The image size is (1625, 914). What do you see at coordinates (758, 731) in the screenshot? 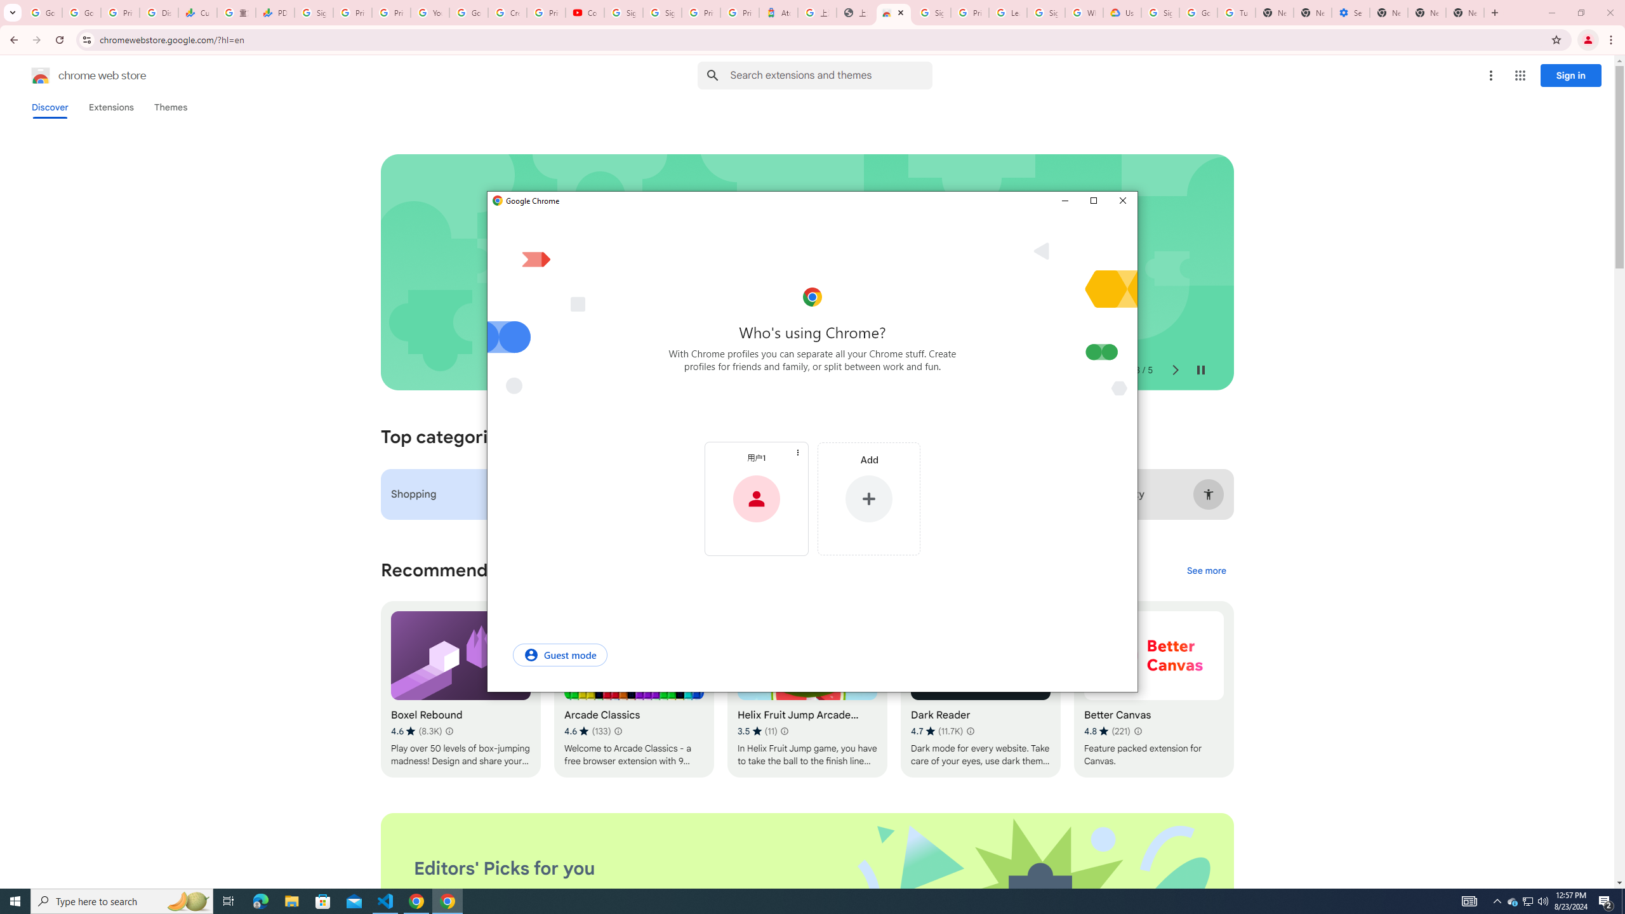
I see `'Average rating 3.5 out of 5 stars. 11 ratings.'` at bounding box center [758, 731].